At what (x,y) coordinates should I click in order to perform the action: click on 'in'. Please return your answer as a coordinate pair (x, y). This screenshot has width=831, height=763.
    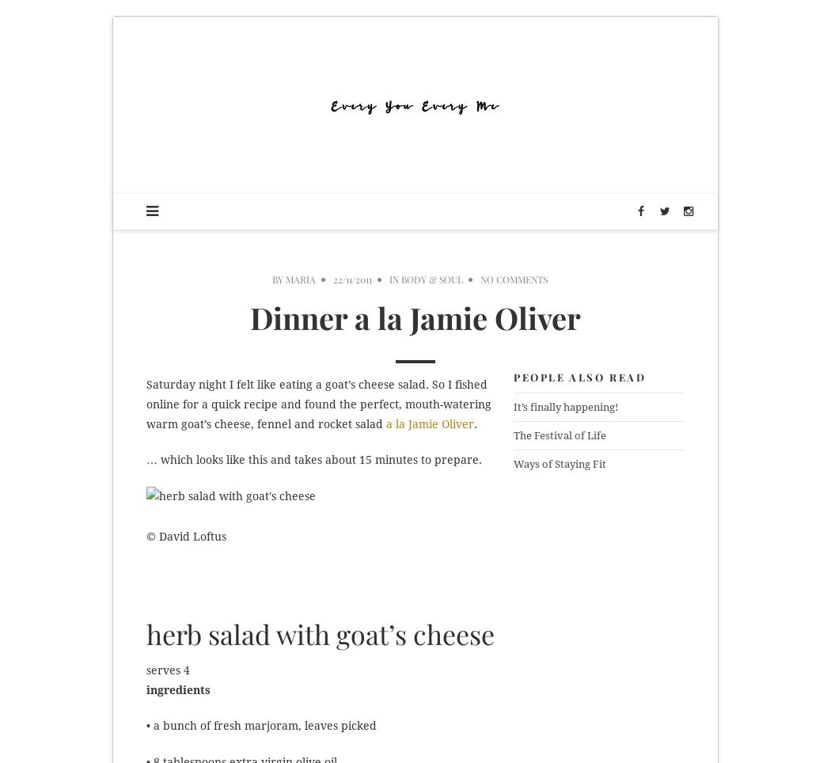
    Looking at the image, I should click on (394, 279).